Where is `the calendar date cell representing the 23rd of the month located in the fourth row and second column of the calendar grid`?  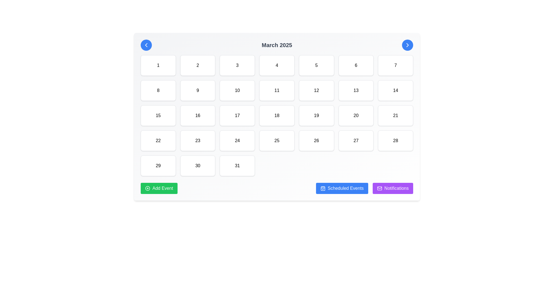 the calendar date cell representing the 23rd of the month located in the fourth row and second column of the calendar grid is located at coordinates (198, 140).